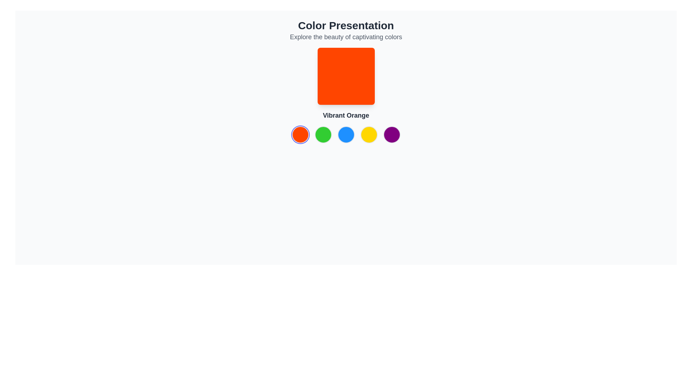 This screenshot has width=686, height=385. What do you see at coordinates (369, 135) in the screenshot?
I see `the circular button with a golden yellow background, the fourth button in a row of five, to see the focus effect` at bounding box center [369, 135].